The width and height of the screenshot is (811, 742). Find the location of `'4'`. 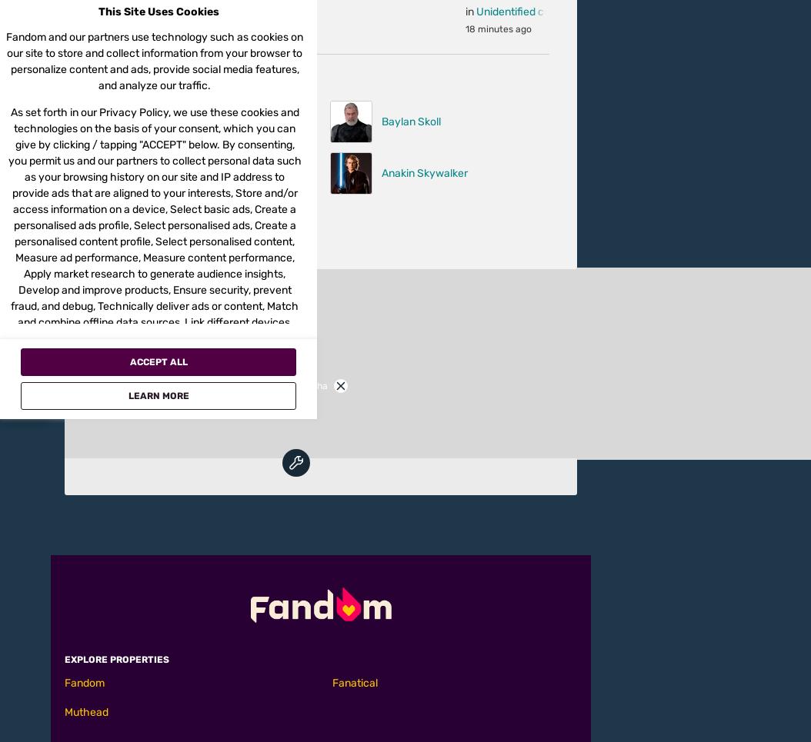

'4' is located at coordinates (191, 208).